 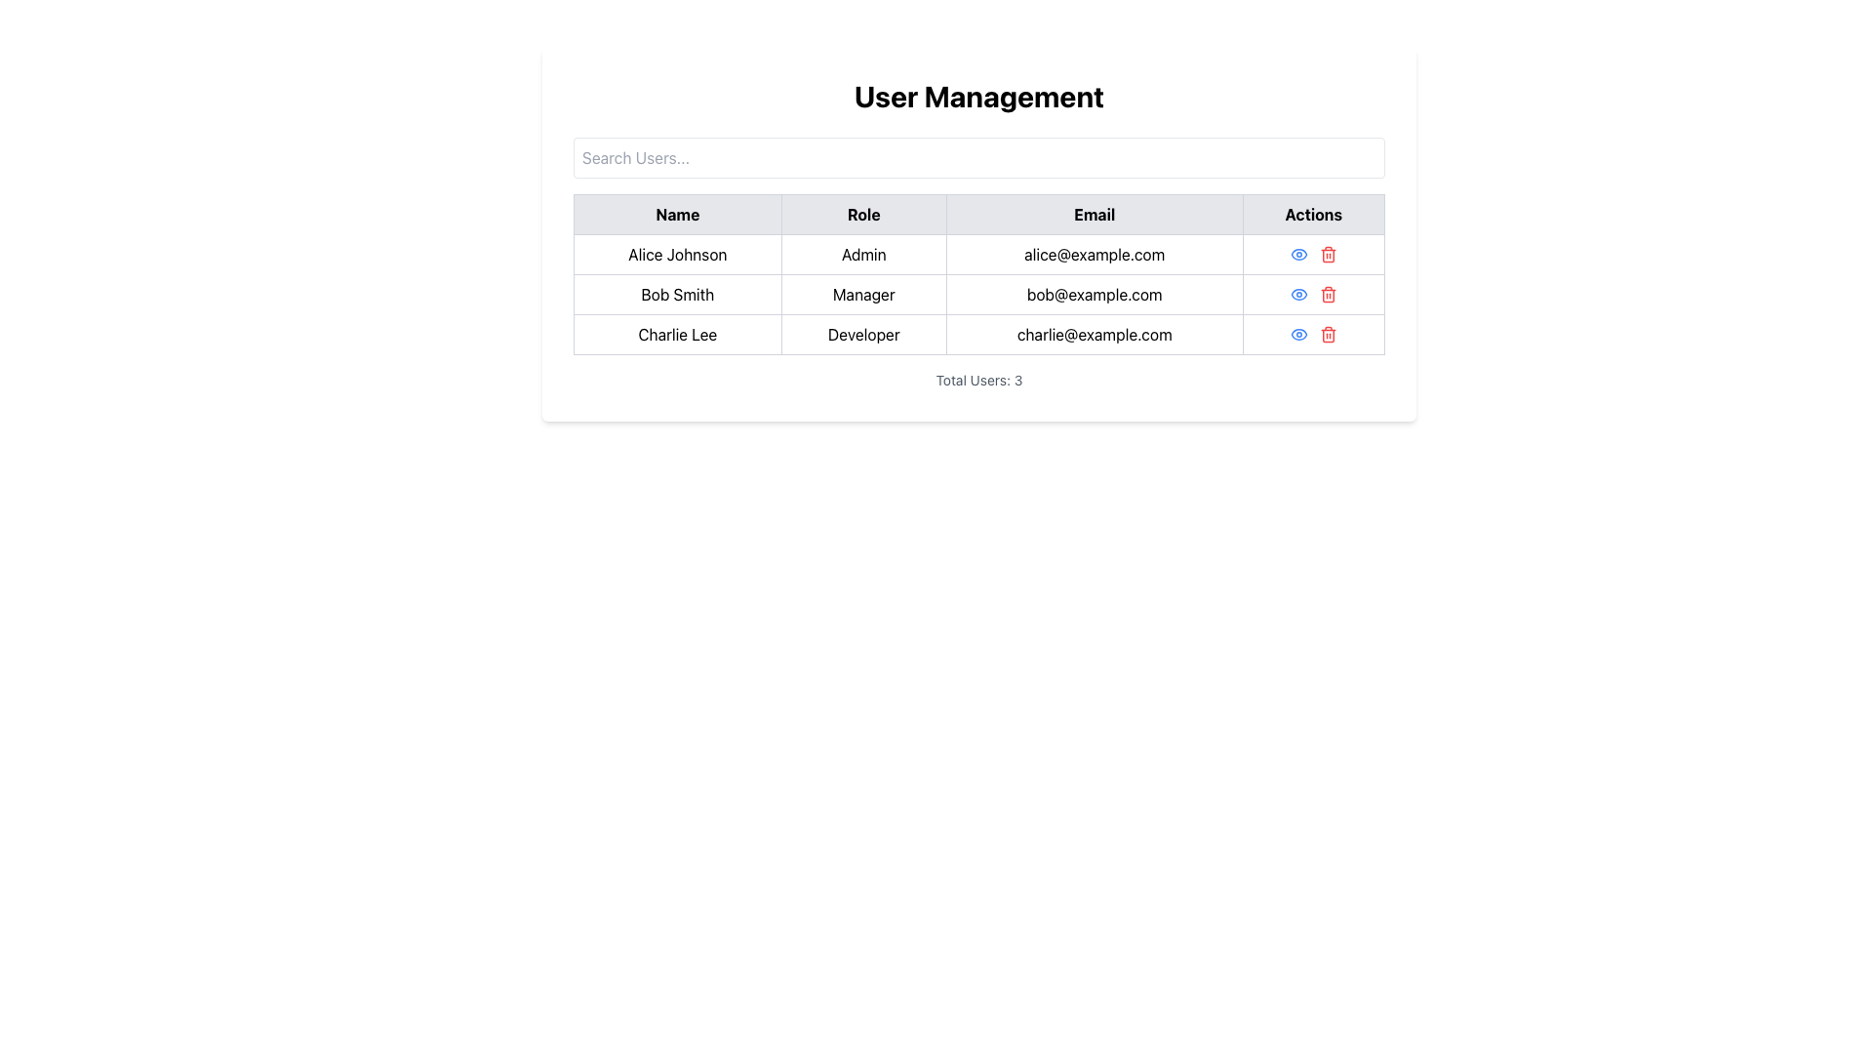 I want to click on the first row of the user table which displays detailed information about a user including their name, role, and email address, so click(x=978, y=254).